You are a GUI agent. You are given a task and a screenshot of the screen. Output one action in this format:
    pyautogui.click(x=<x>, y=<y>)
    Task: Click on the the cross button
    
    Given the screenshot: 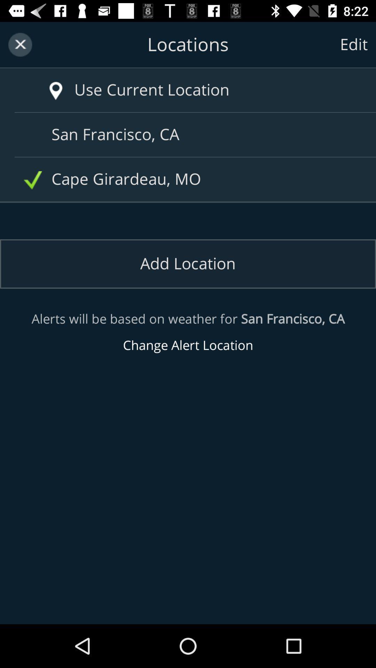 What is the action you would take?
    pyautogui.click(x=19, y=45)
    